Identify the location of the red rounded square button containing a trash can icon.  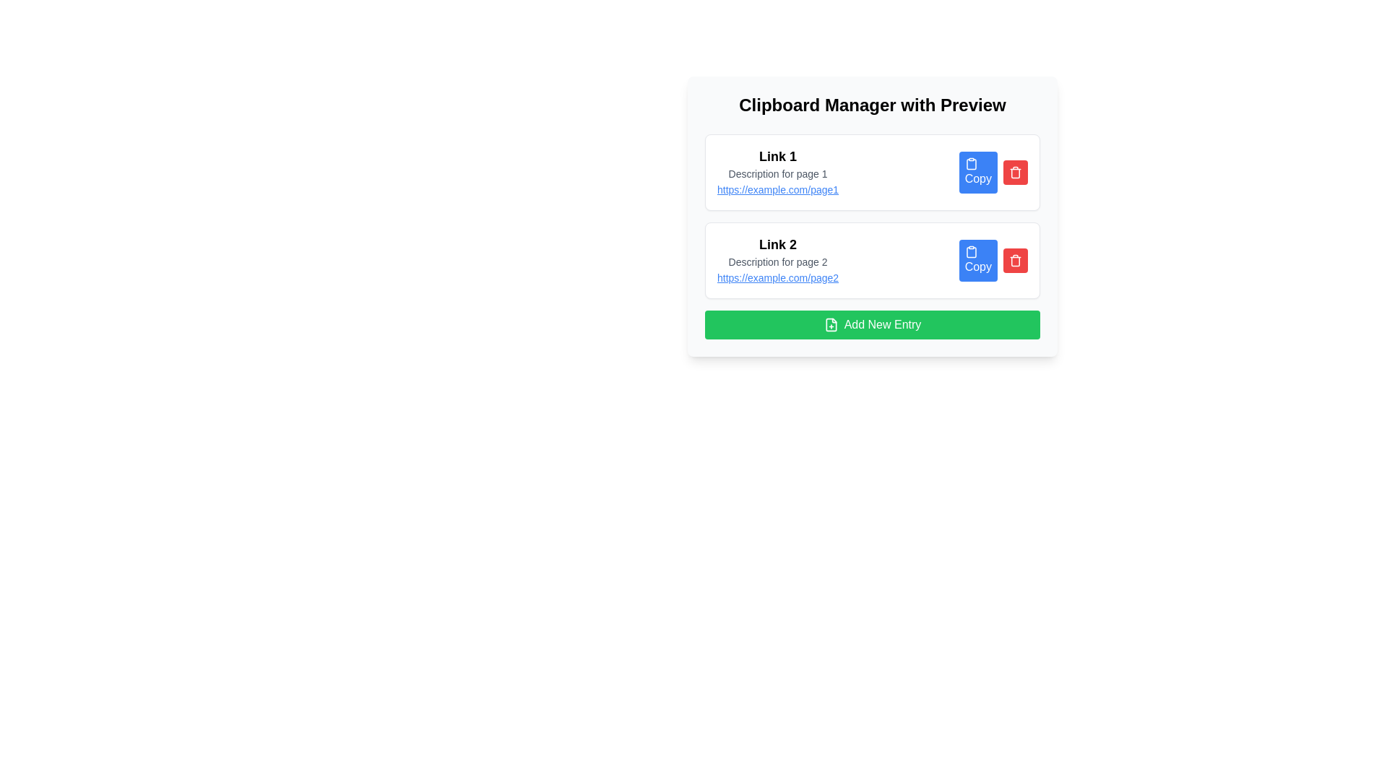
(1015, 172).